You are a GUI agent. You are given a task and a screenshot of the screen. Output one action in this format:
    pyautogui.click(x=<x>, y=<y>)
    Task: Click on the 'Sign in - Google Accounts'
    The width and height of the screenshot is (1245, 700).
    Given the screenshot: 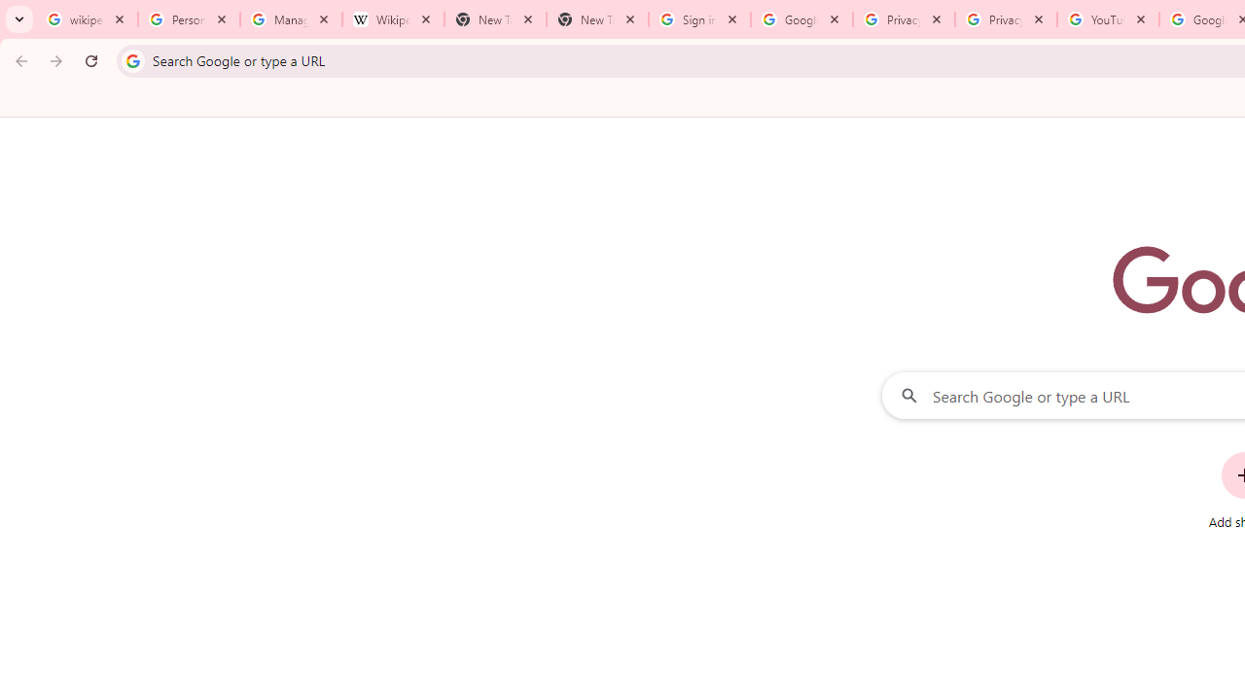 What is the action you would take?
    pyautogui.click(x=699, y=19)
    